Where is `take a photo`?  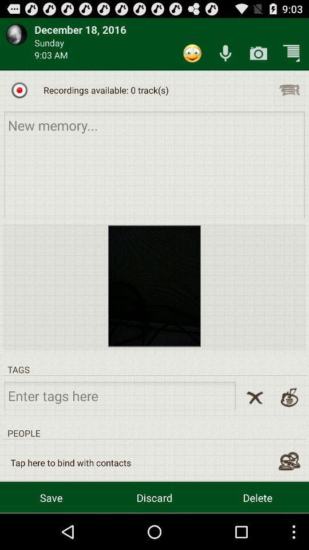
take a photo is located at coordinates (258, 53).